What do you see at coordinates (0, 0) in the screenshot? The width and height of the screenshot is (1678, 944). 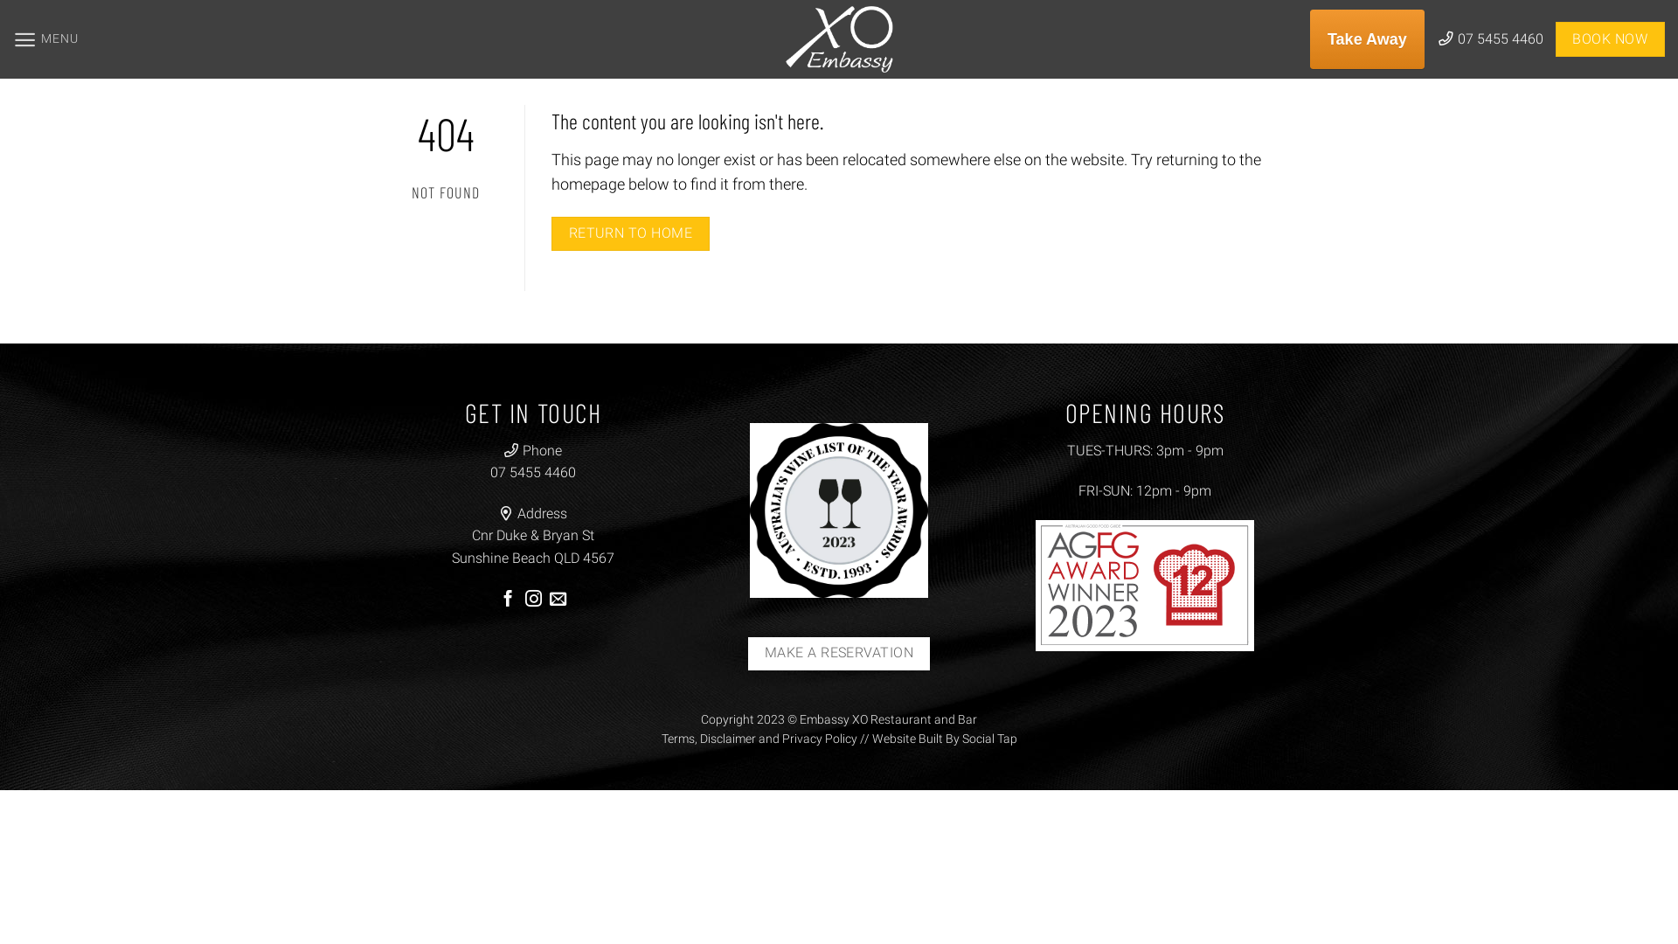 I see `'Skip to content'` at bounding box center [0, 0].